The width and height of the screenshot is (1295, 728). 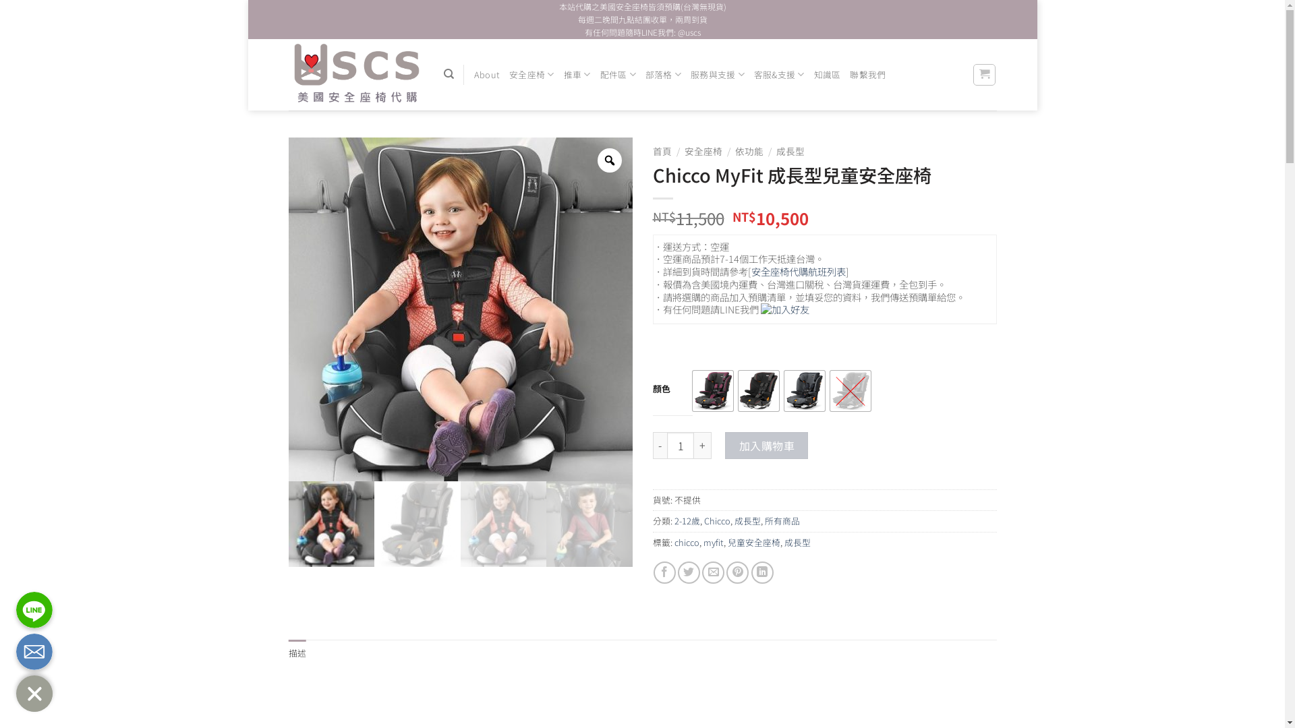 What do you see at coordinates (687, 541) in the screenshot?
I see `'chicco'` at bounding box center [687, 541].